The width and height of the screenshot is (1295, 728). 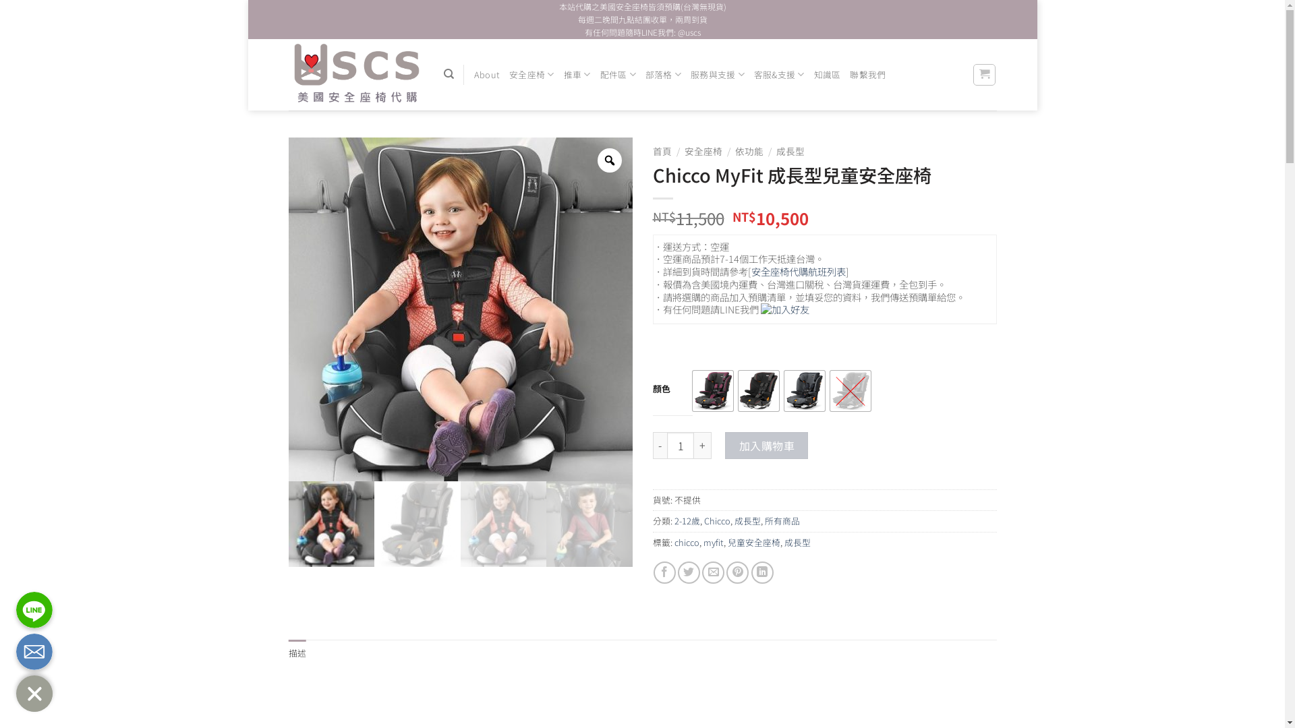 What do you see at coordinates (687, 541) in the screenshot?
I see `'chicco'` at bounding box center [687, 541].